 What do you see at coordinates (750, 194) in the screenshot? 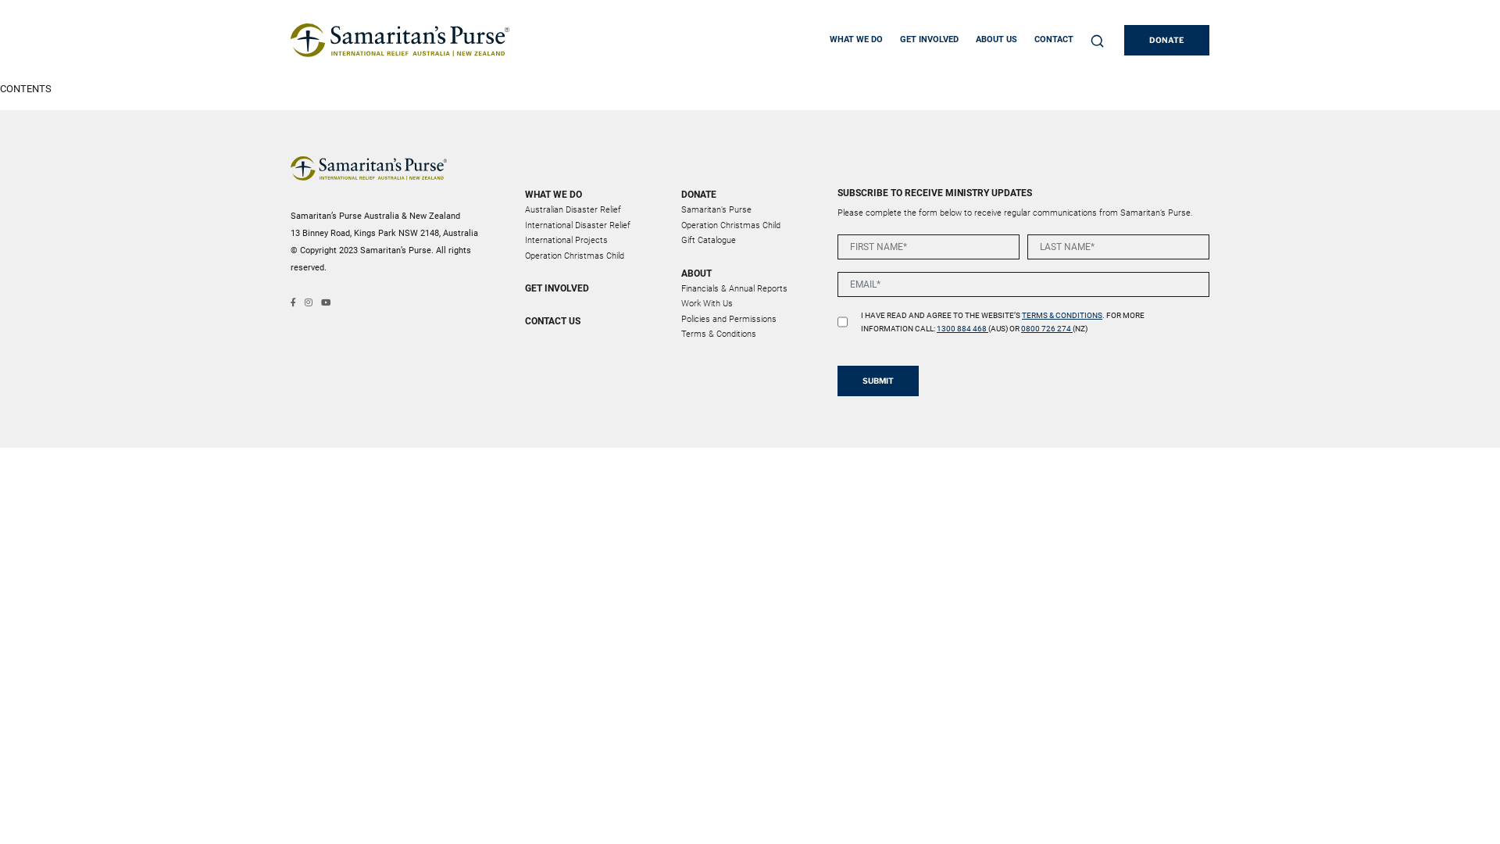
I see `'DONATE'` at bounding box center [750, 194].